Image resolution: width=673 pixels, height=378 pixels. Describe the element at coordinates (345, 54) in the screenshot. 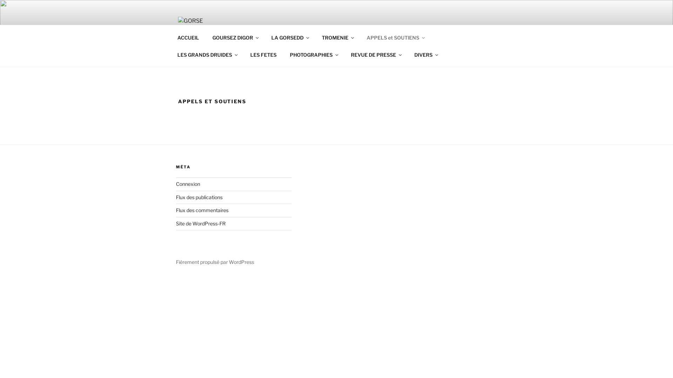

I see `'REVUE DE PRESSE'` at that location.